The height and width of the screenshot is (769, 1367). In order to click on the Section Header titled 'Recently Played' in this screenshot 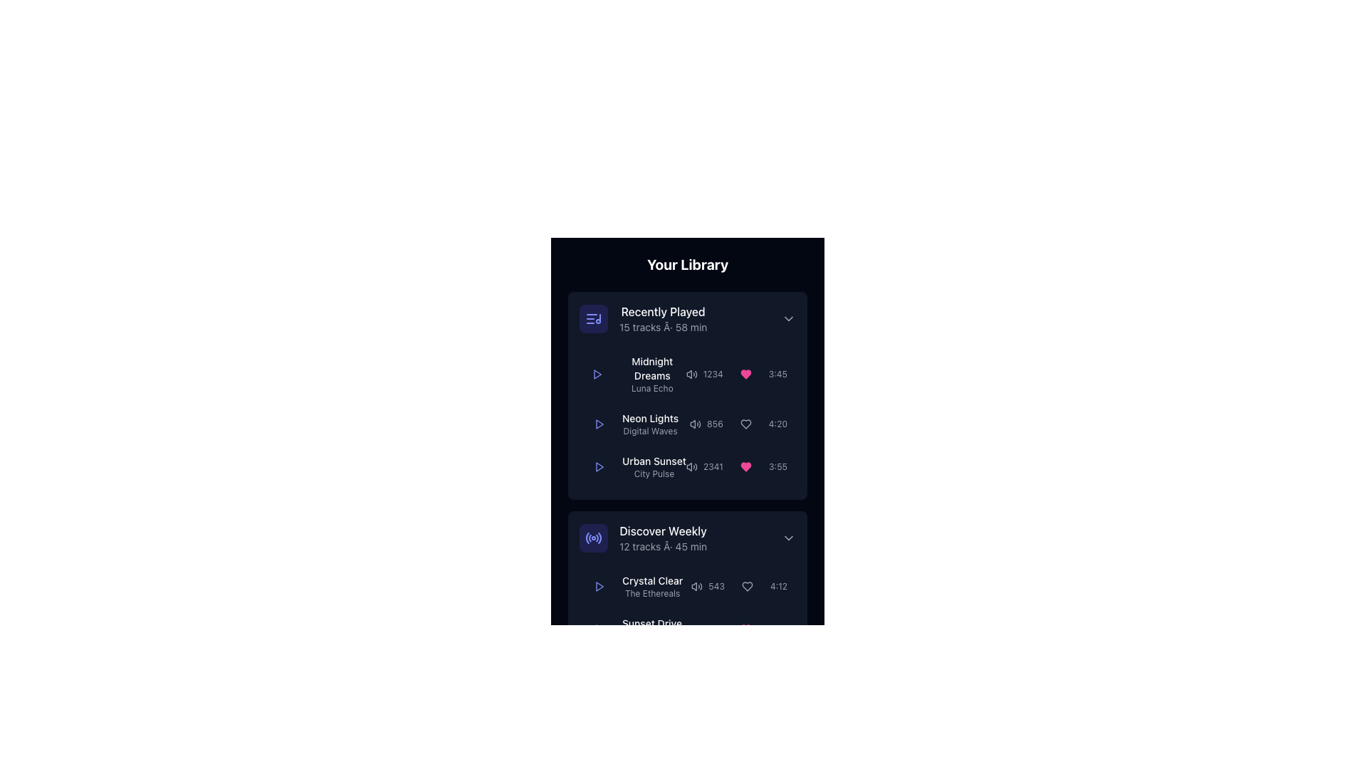, I will do `click(687, 318)`.